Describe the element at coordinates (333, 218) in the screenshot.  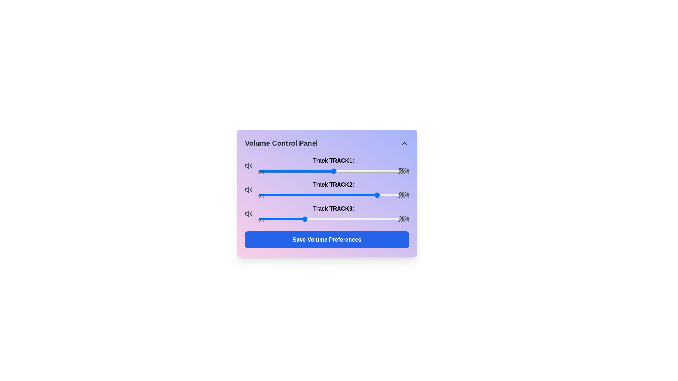
I see `the Slider control for 'Track TRACK3:', which is the third slider in a vertical stack, positioned directly below its label` at that location.